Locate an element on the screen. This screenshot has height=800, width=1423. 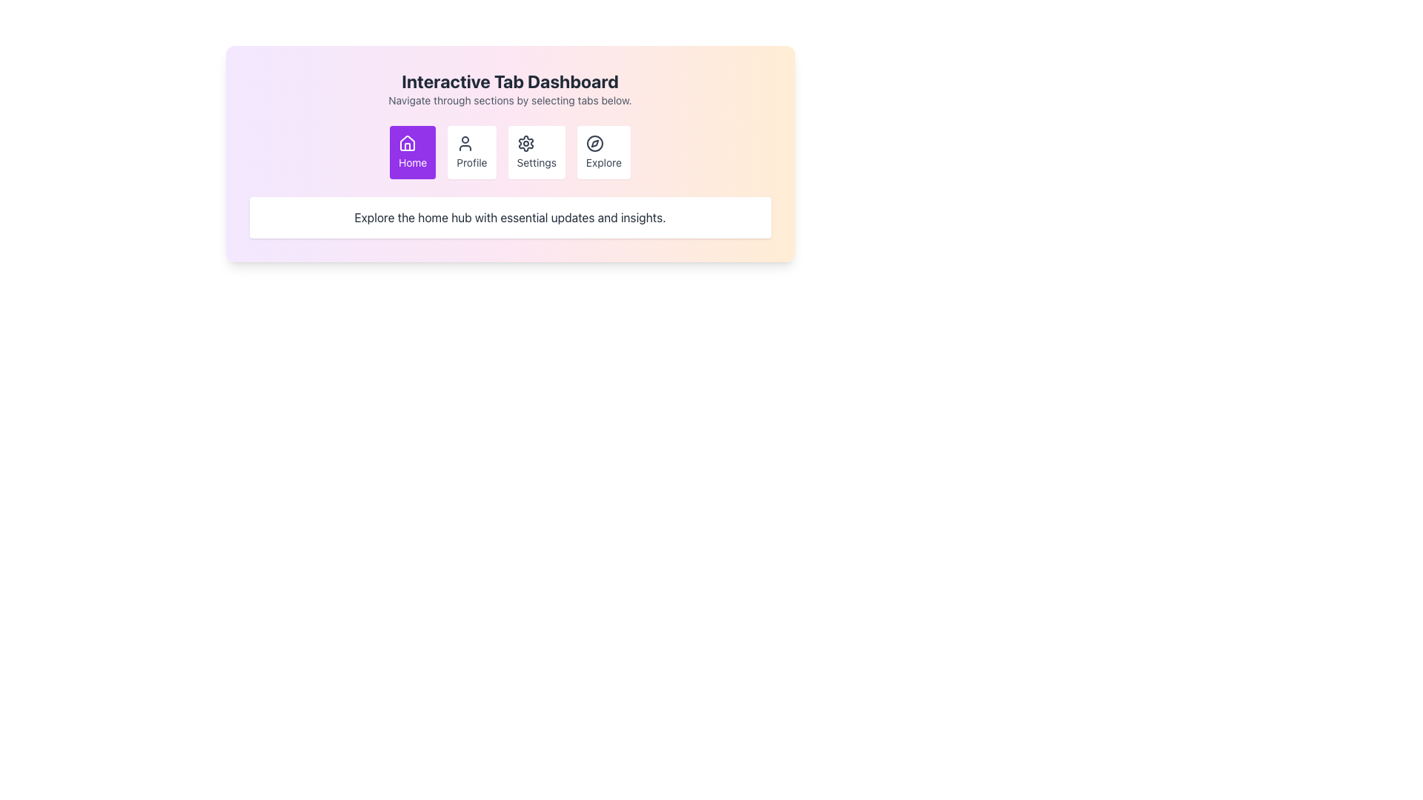
informational text about updates and available insights located inside the white card box at the bottom section of the interface is located at coordinates (510, 217).